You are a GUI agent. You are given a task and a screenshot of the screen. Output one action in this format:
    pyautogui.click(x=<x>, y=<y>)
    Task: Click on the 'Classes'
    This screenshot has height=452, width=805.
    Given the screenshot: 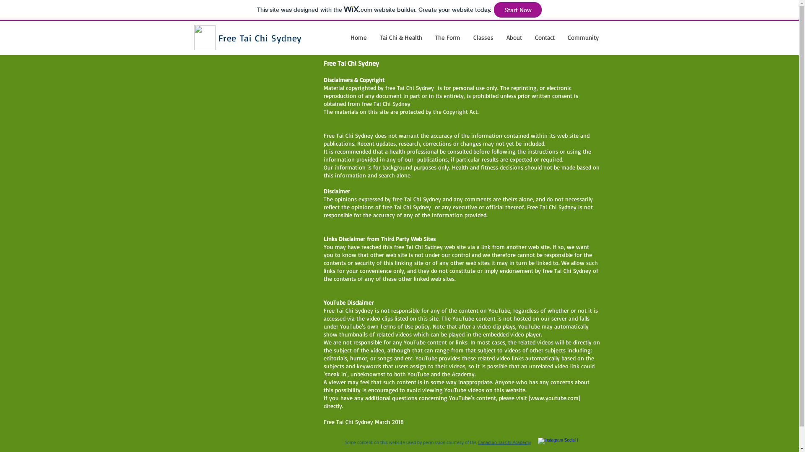 What is the action you would take?
    pyautogui.click(x=483, y=37)
    